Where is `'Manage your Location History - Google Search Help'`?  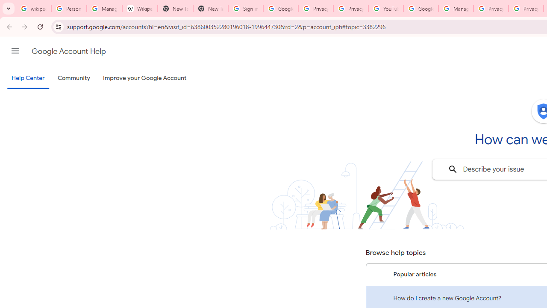 'Manage your Location History - Google Search Help' is located at coordinates (104, 9).